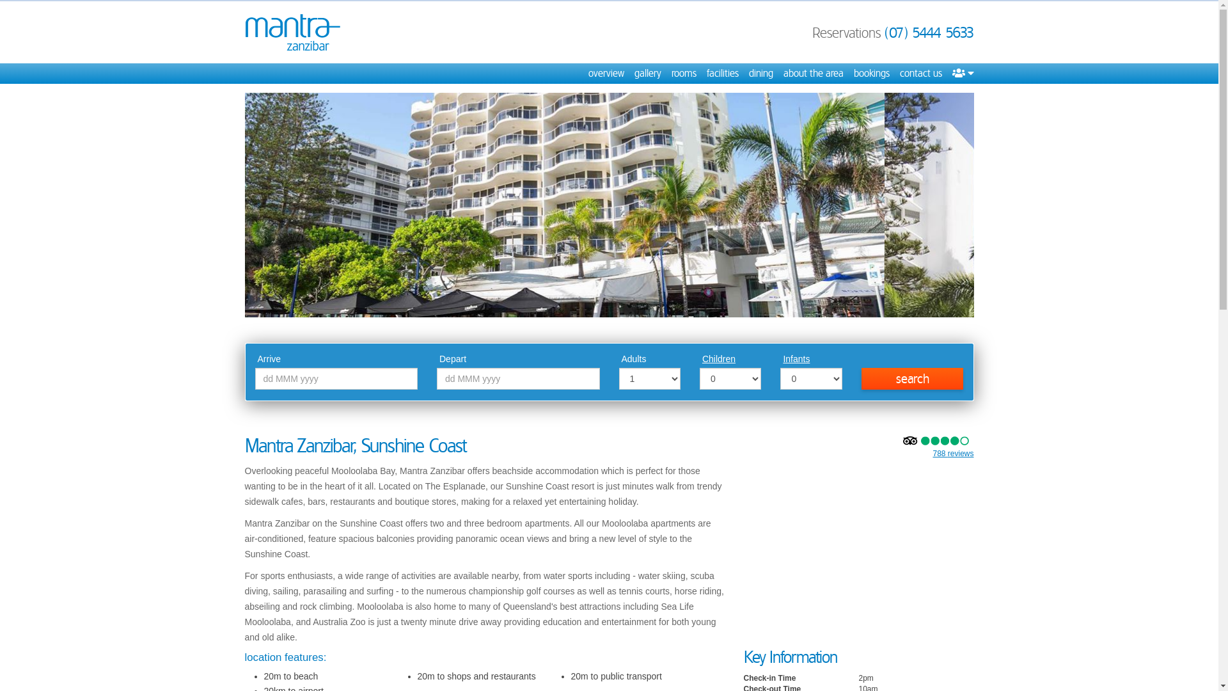  I want to click on '(07) 5444 5633', so click(929, 31).